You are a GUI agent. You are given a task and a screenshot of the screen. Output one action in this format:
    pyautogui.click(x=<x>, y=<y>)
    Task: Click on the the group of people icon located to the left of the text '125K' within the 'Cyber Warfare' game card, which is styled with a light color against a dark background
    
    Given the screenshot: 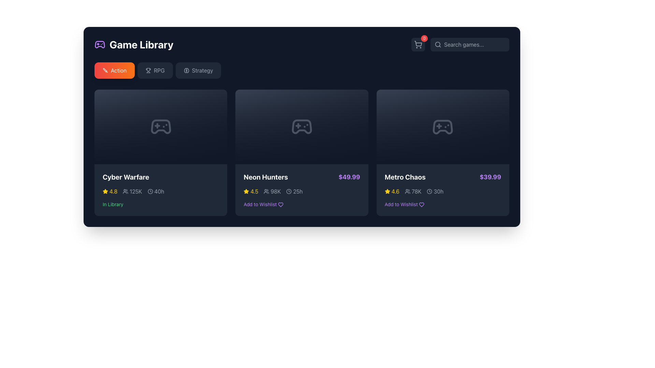 What is the action you would take?
    pyautogui.click(x=126, y=191)
    